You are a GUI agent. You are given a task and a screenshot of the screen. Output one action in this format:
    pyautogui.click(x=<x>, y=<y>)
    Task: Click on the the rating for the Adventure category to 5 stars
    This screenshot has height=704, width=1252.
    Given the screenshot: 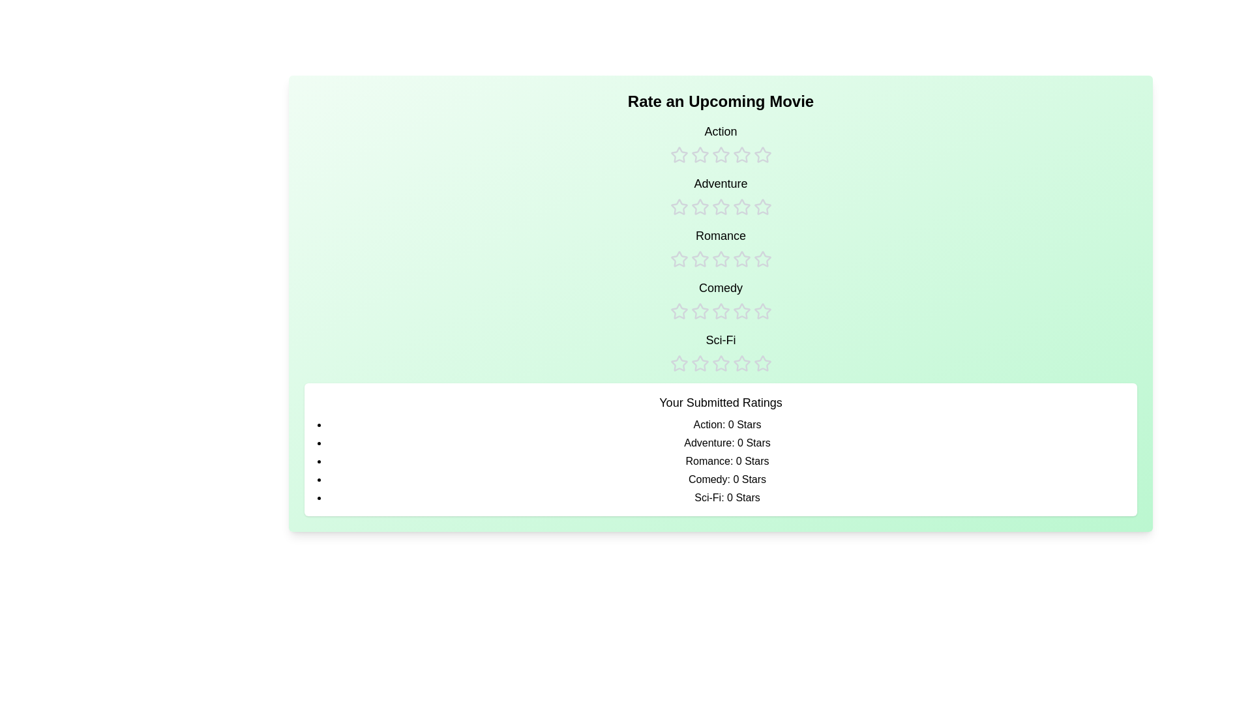 What is the action you would take?
    pyautogui.click(x=762, y=196)
    